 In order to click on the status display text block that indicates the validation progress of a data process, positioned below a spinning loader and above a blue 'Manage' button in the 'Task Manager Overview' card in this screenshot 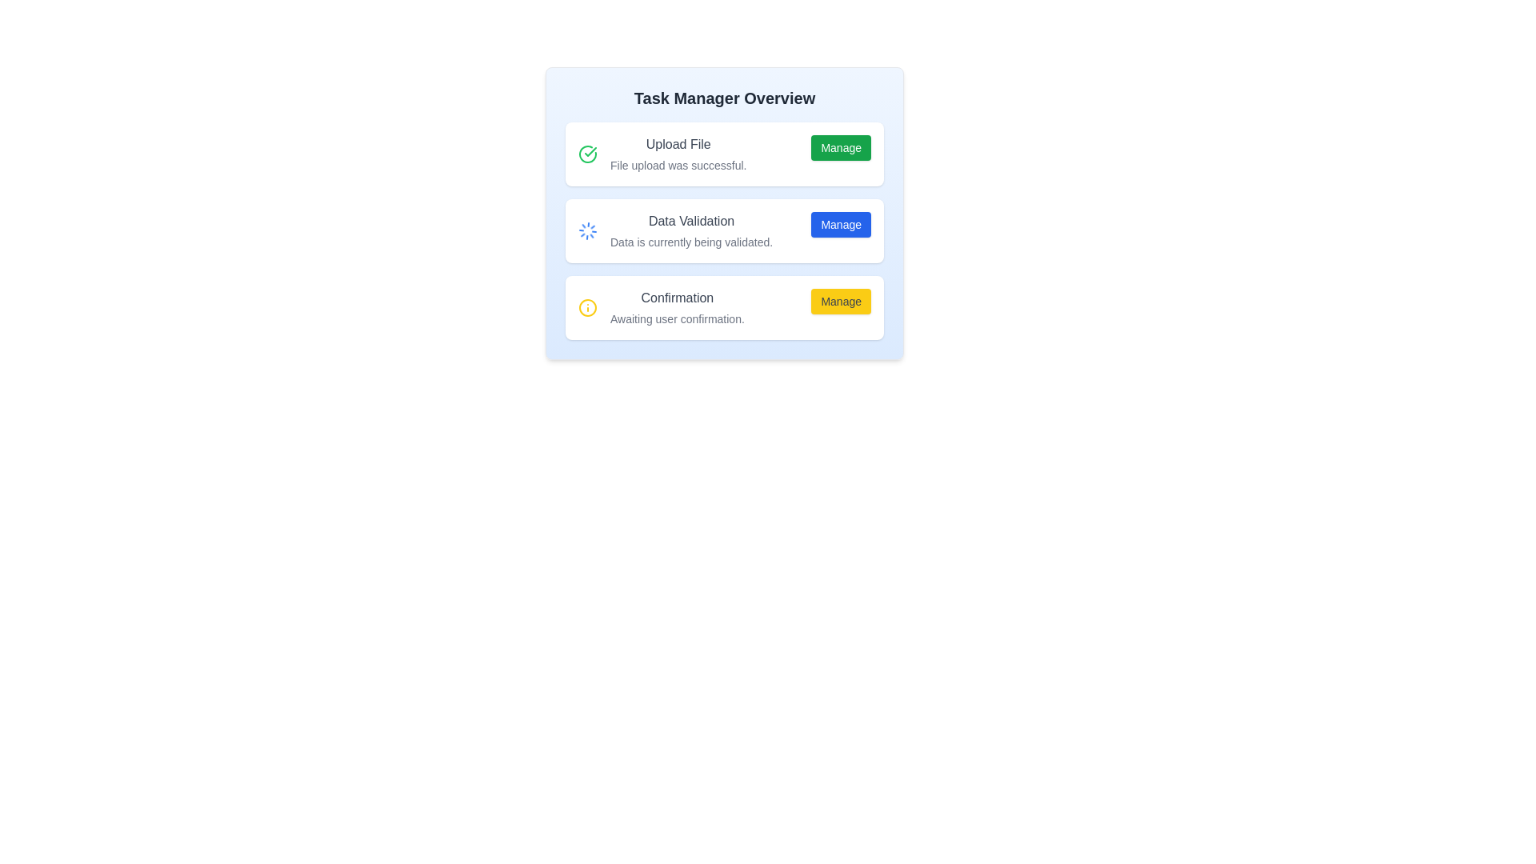, I will do `click(691, 231)`.